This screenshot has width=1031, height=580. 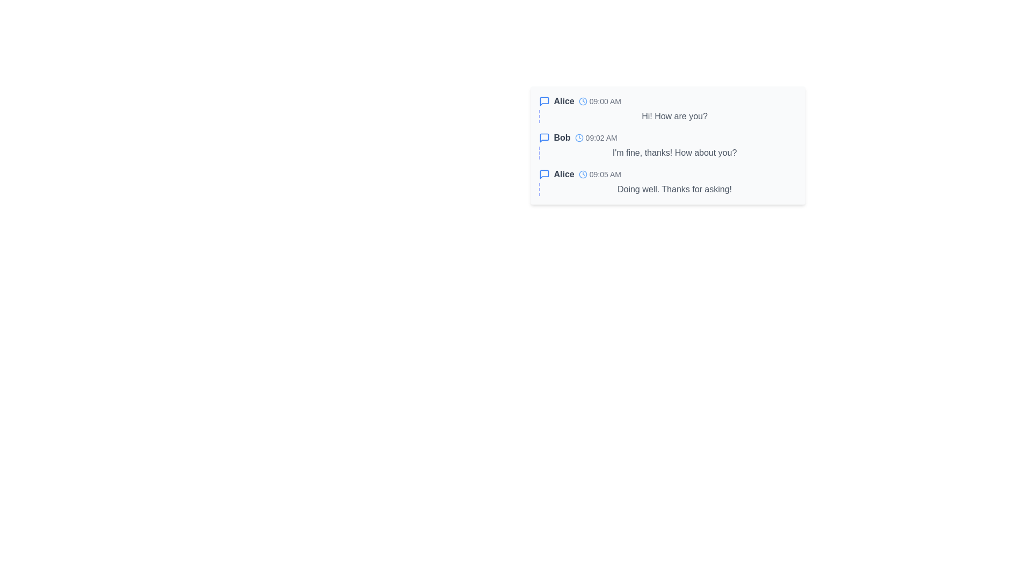 What do you see at coordinates (667, 153) in the screenshot?
I see `the text content that displays 'I'm fine, thanks! How about you?' styled in gray color, located under the label 'Bob 09:02 AM'` at bounding box center [667, 153].